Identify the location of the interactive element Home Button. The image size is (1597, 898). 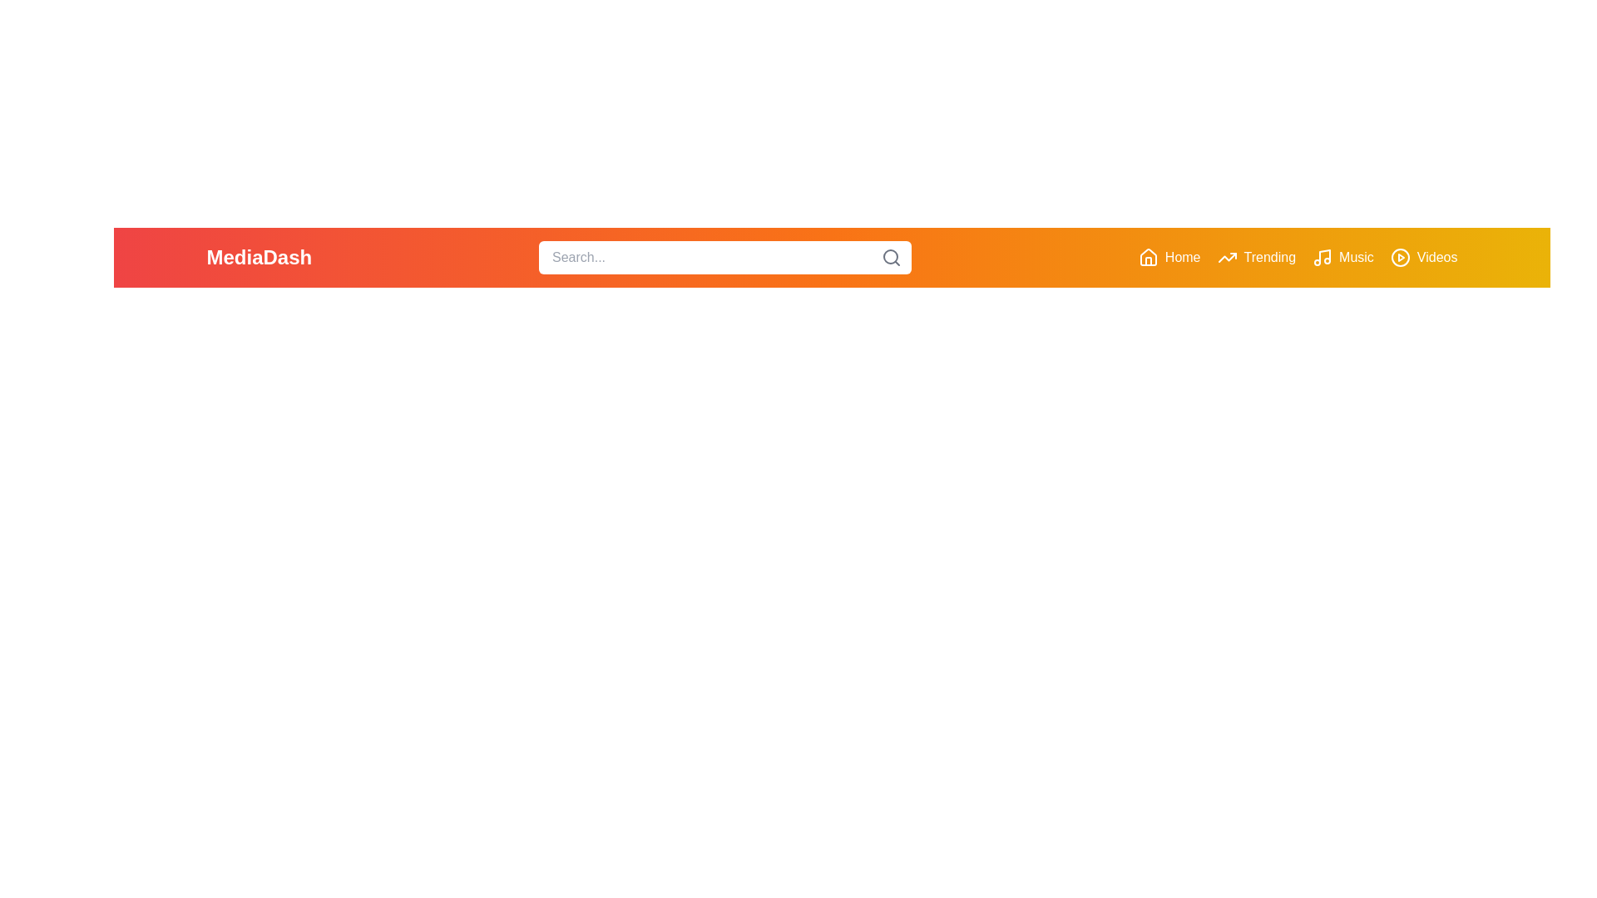
(1169, 257).